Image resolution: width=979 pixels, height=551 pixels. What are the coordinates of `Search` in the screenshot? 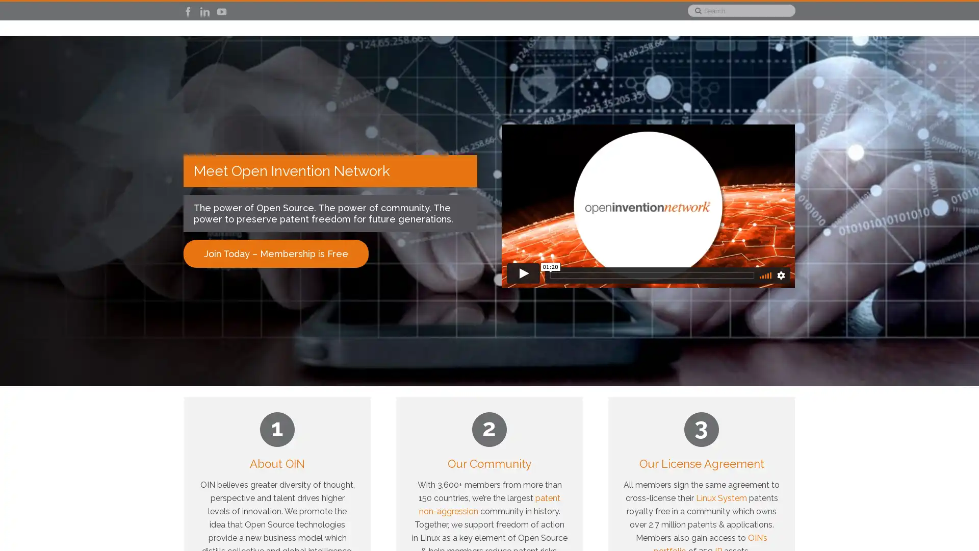 It's located at (693, 10).